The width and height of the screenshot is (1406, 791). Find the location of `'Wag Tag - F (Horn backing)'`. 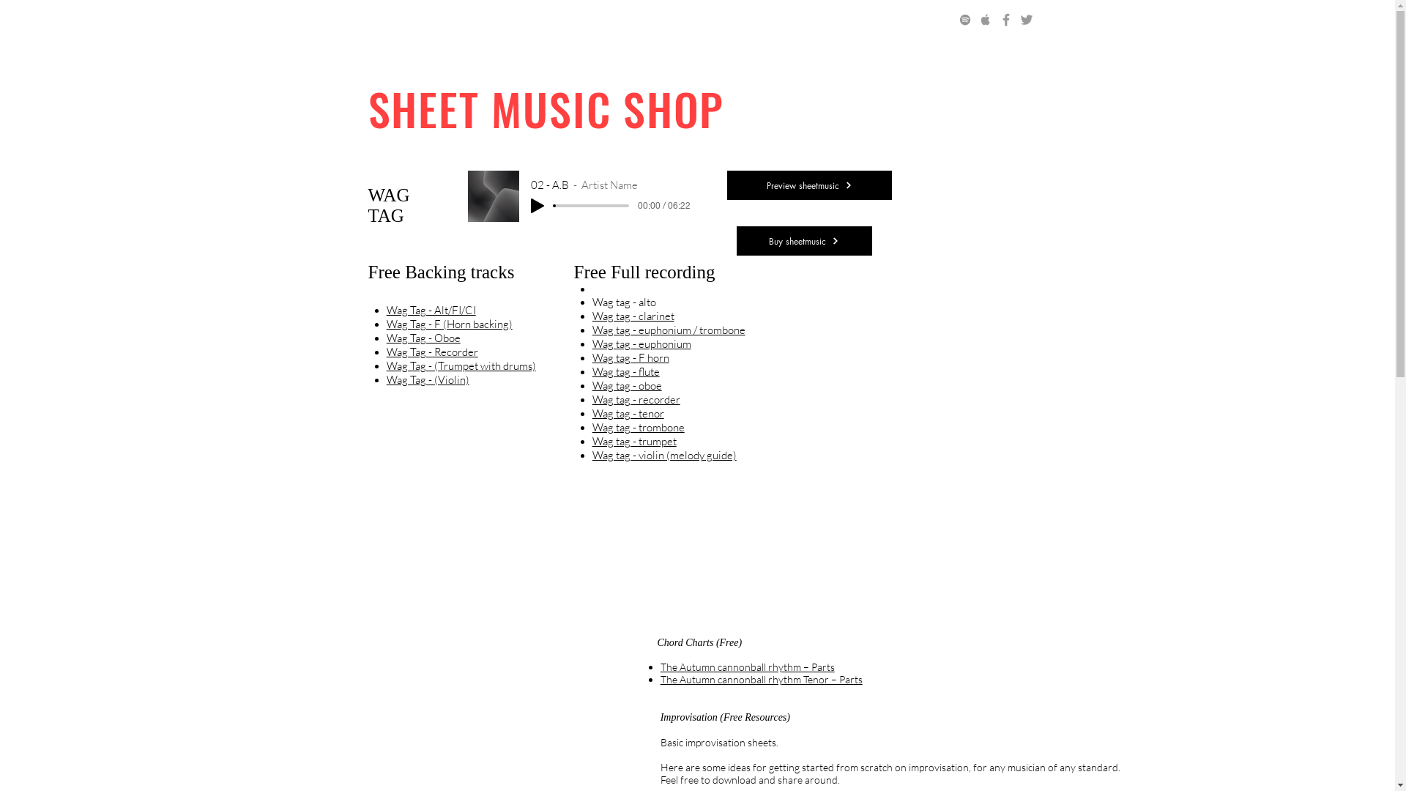

'Wag Tag - F (Horn backing)' is located at coordinates (449, 323).